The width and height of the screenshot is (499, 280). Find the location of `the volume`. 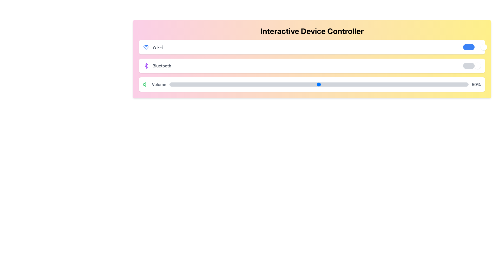

the volume is located at coordinates (274, 84).